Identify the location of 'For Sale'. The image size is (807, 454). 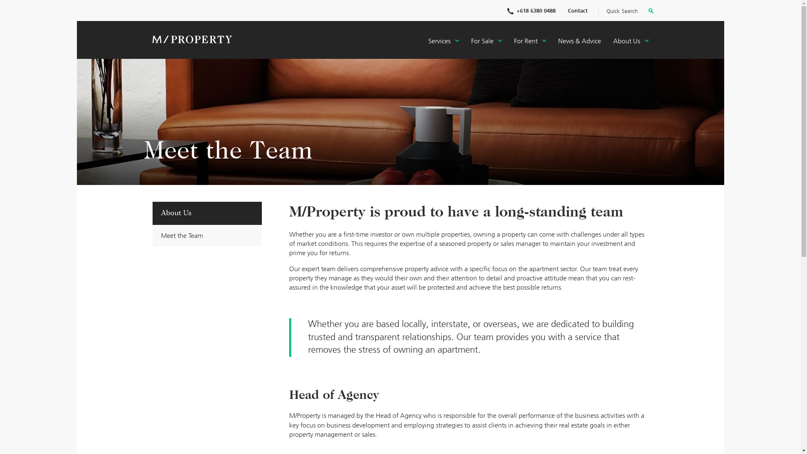
(486, 42).